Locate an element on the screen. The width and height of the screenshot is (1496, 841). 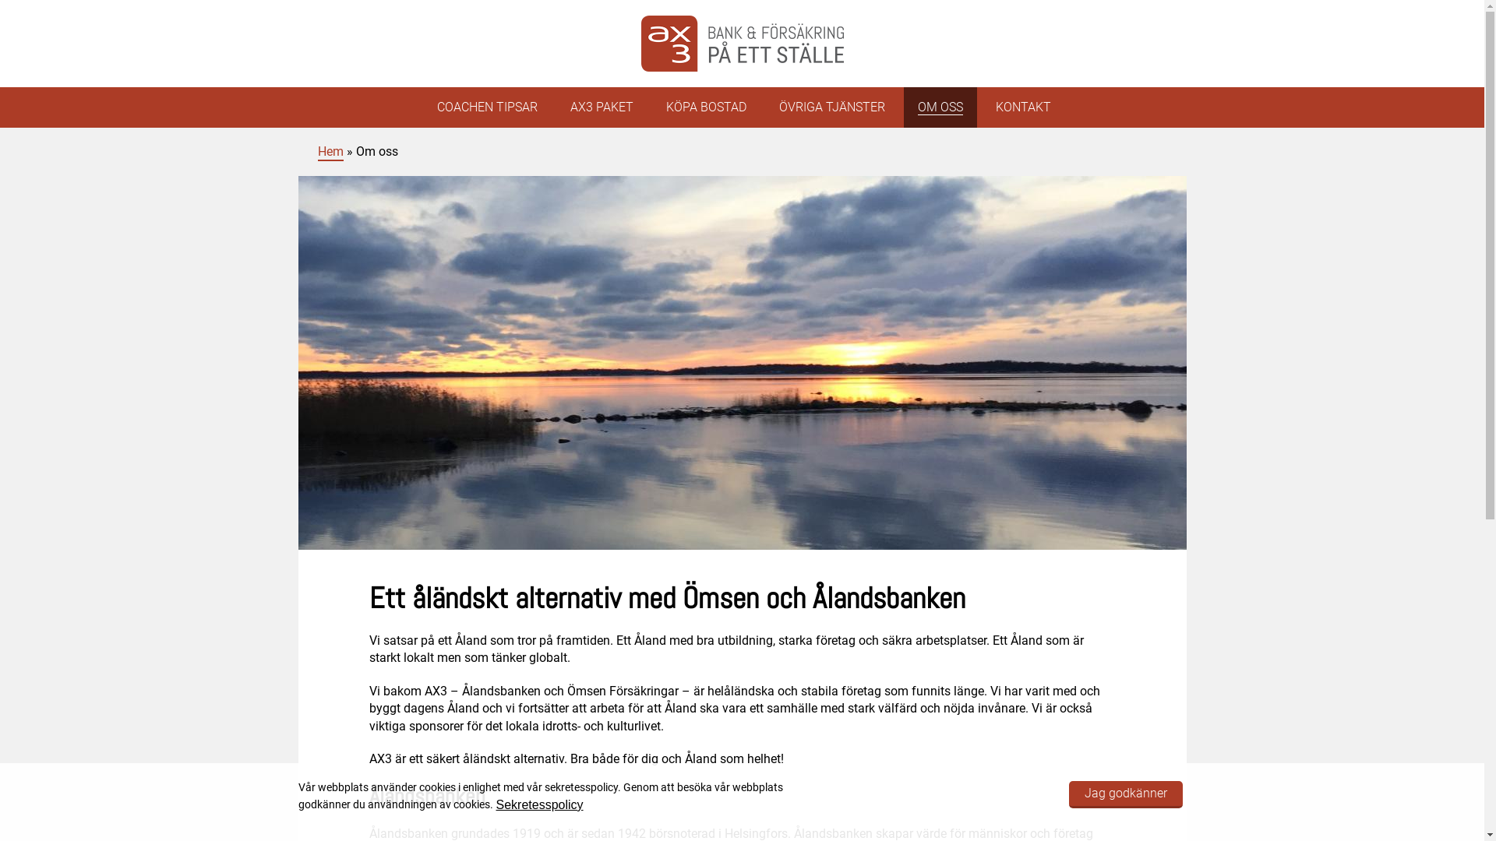
'Sekretesspolicy' is located at coordinates (538, 804).